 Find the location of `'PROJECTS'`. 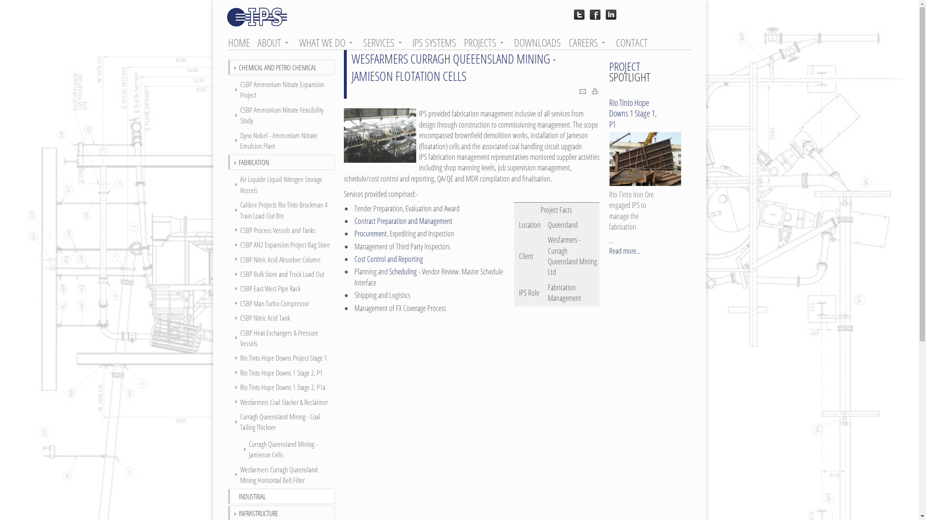

'PROJECTS' is located at coordinates (484, 42).